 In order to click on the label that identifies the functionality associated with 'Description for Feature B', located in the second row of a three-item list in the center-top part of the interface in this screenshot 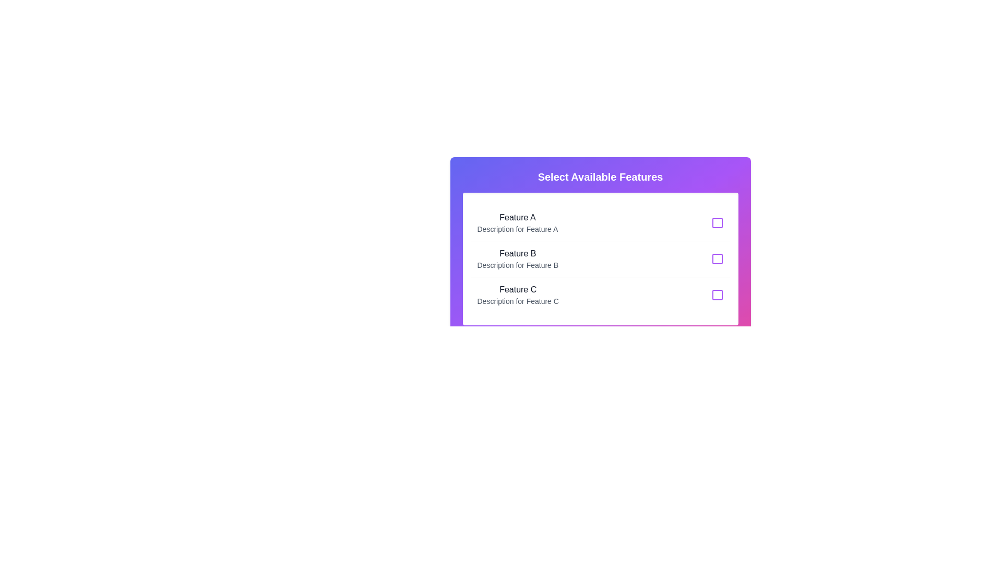, I will do `click(518, 254)`.